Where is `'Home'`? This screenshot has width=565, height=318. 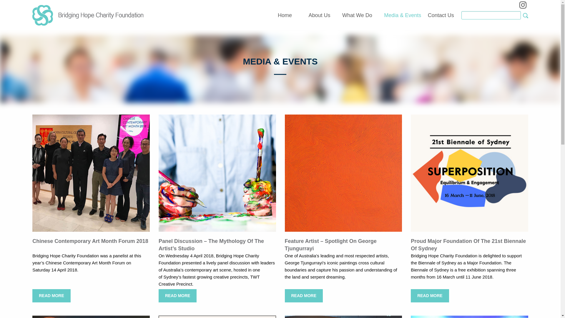
'Home' is located at coordinates (277, 15).